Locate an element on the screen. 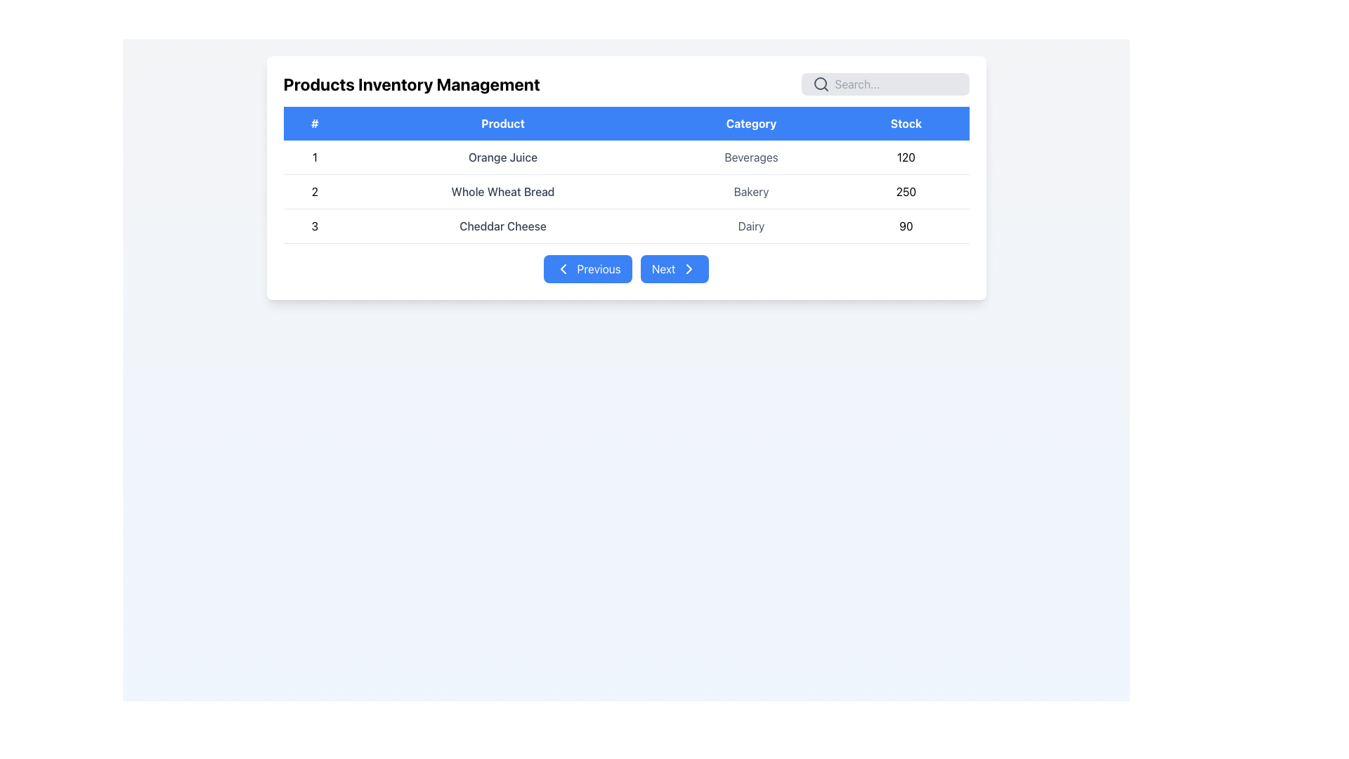  the header cell labeled 'Category' is located at coordinates (750, 123).